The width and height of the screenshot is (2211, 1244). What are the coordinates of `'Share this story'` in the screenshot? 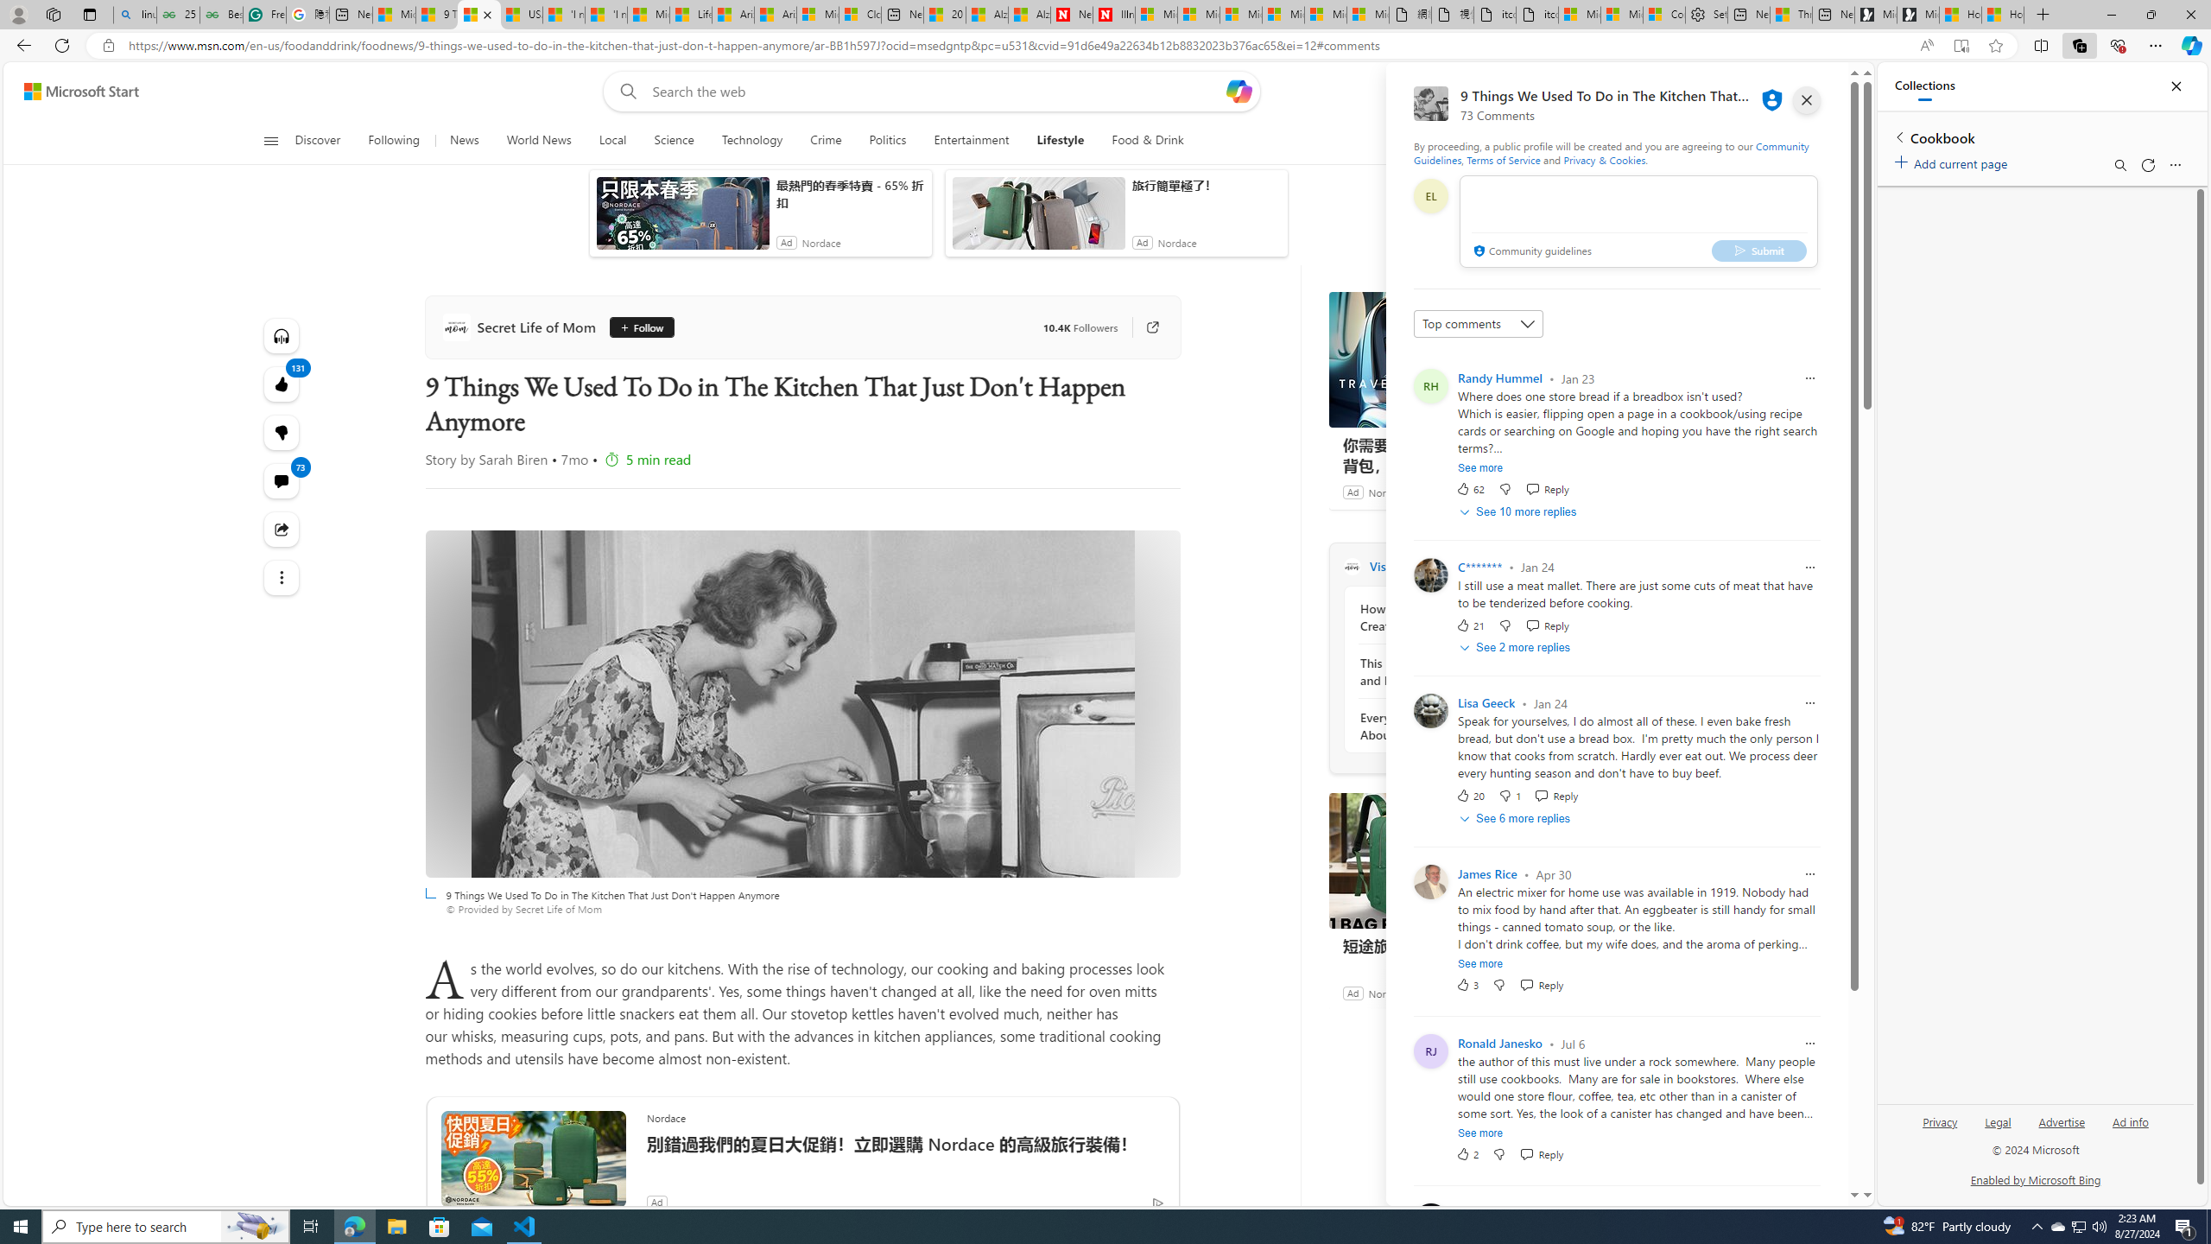 It's located at (281, 529).